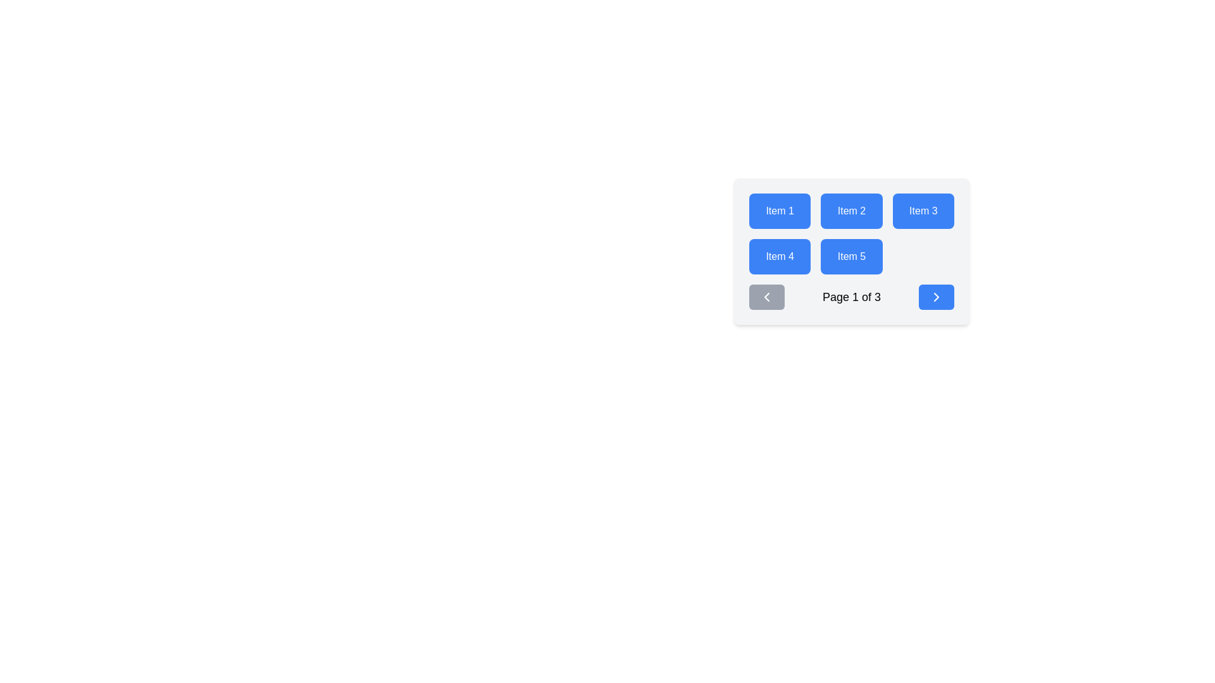 This screenshot has width=1215, height=683. I want to click on the selectable button located in the second row, first column of a 2-row, 3-column grid, so click(779, 256).